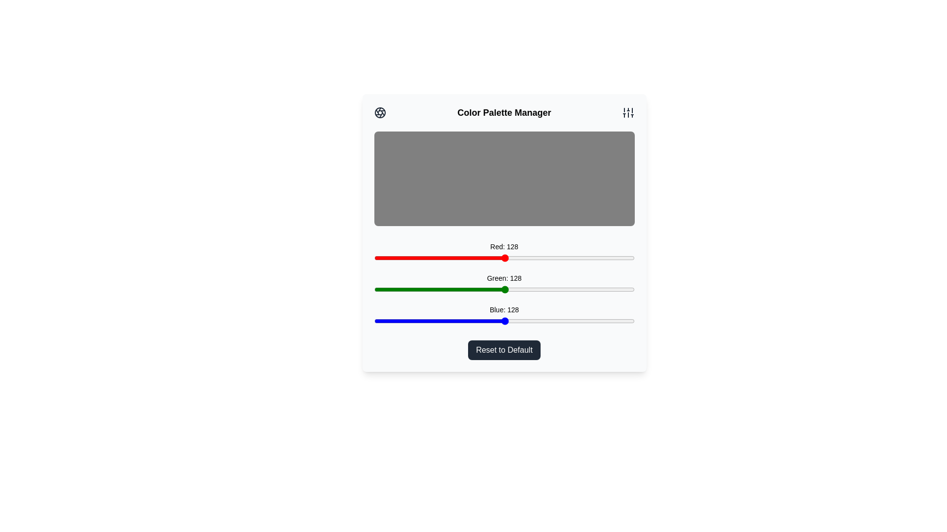  What do you see at coordinates (619, 258) in the screenshot?
I see `the red color slider to 240` at bounding box center [619, 258].